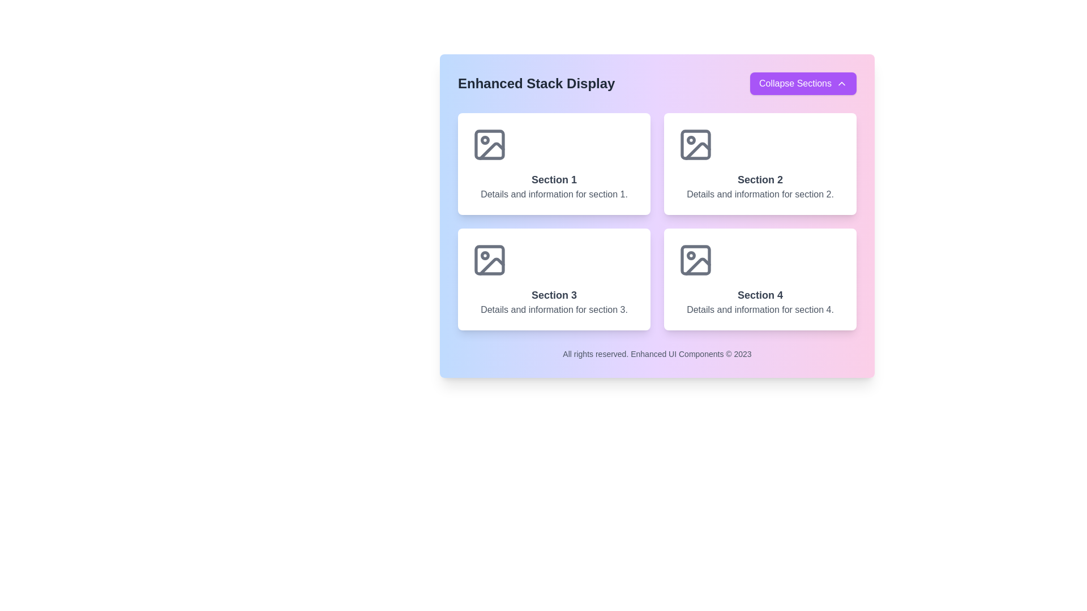 The width and height of the screenshot is (1087, 611). What do you see at coordinates (554, 279) in the screenshot?
I see `the Informational Card titled 'Section 3' located in the bottom-left section of a 2x2 grid layout` at bounding box center [554, 279].